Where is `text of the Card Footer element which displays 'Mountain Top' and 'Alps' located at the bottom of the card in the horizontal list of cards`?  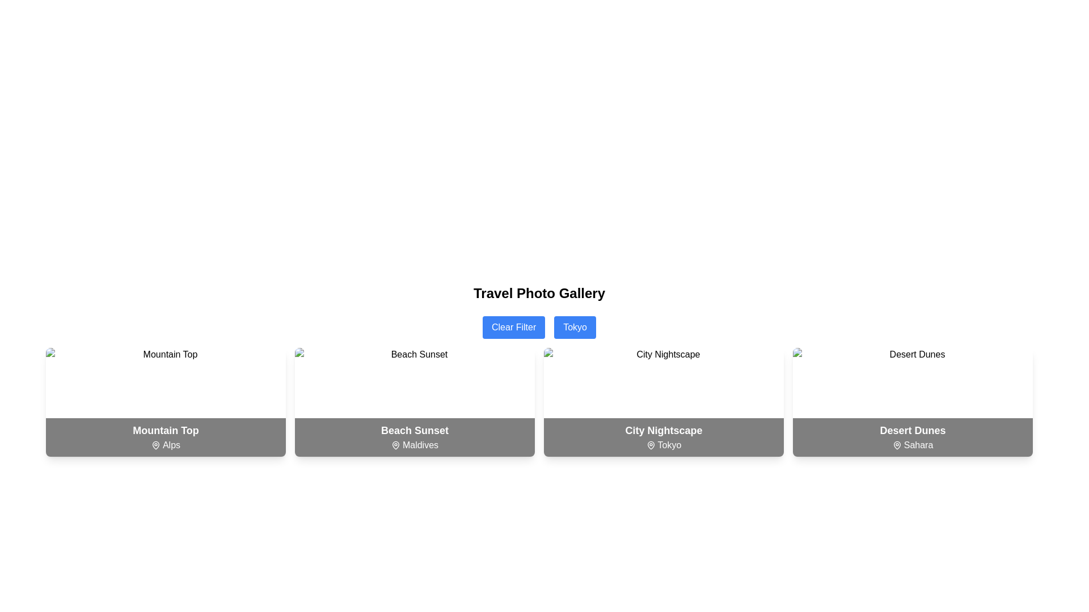 text of the Card Footer element which displays 'Mountain Top' and 'Alps' located at the bottom of the card in the horizontal list of cards is located at coordinates (165, 436).